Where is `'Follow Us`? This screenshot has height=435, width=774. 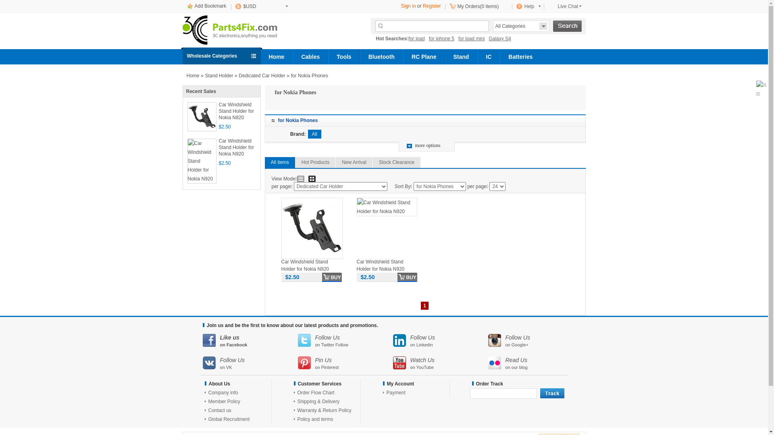 'Follow Us is located at coordinates (440, 340).